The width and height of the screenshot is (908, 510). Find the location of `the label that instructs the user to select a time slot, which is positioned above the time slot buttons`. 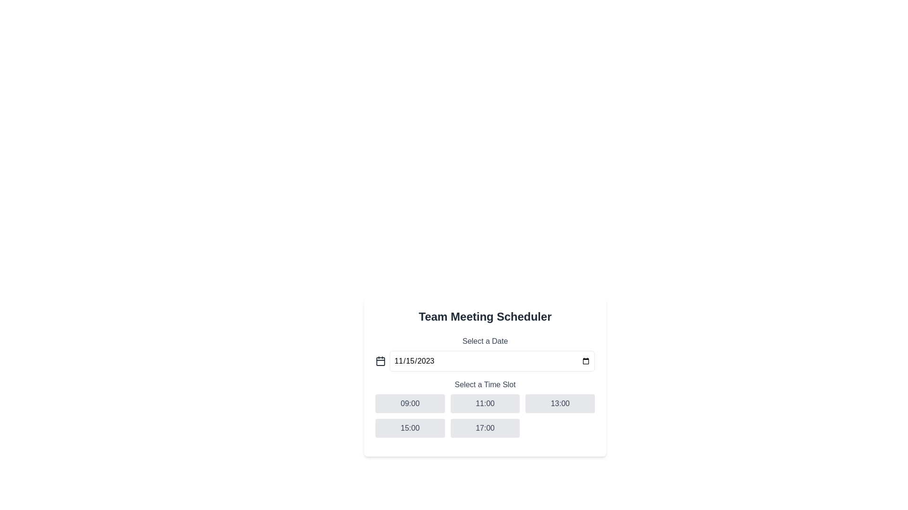

the label that instructs the user to select a time slot, which is positioned above the time slot buttons is located at coordinates (485, 384).